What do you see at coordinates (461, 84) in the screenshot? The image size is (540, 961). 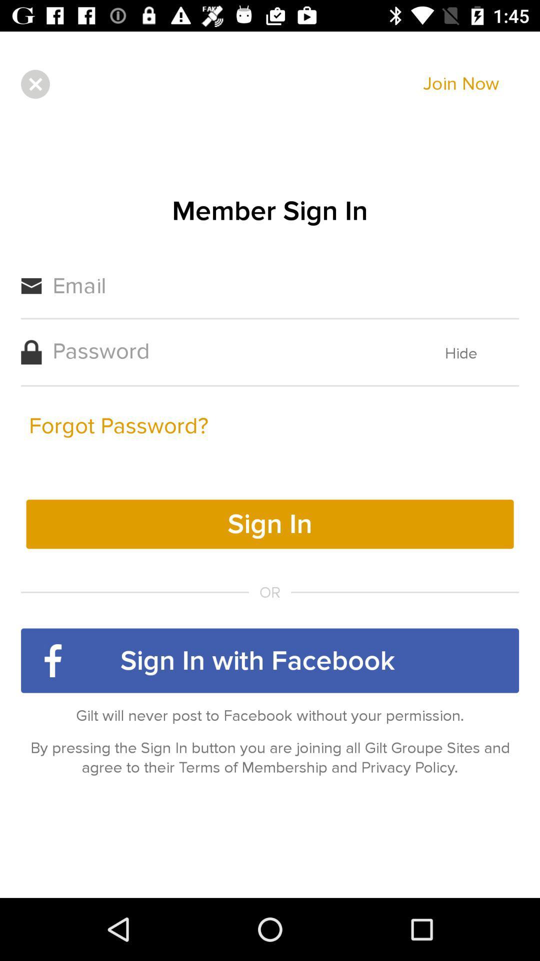 I see `join now` at bounding box center [461, 84].